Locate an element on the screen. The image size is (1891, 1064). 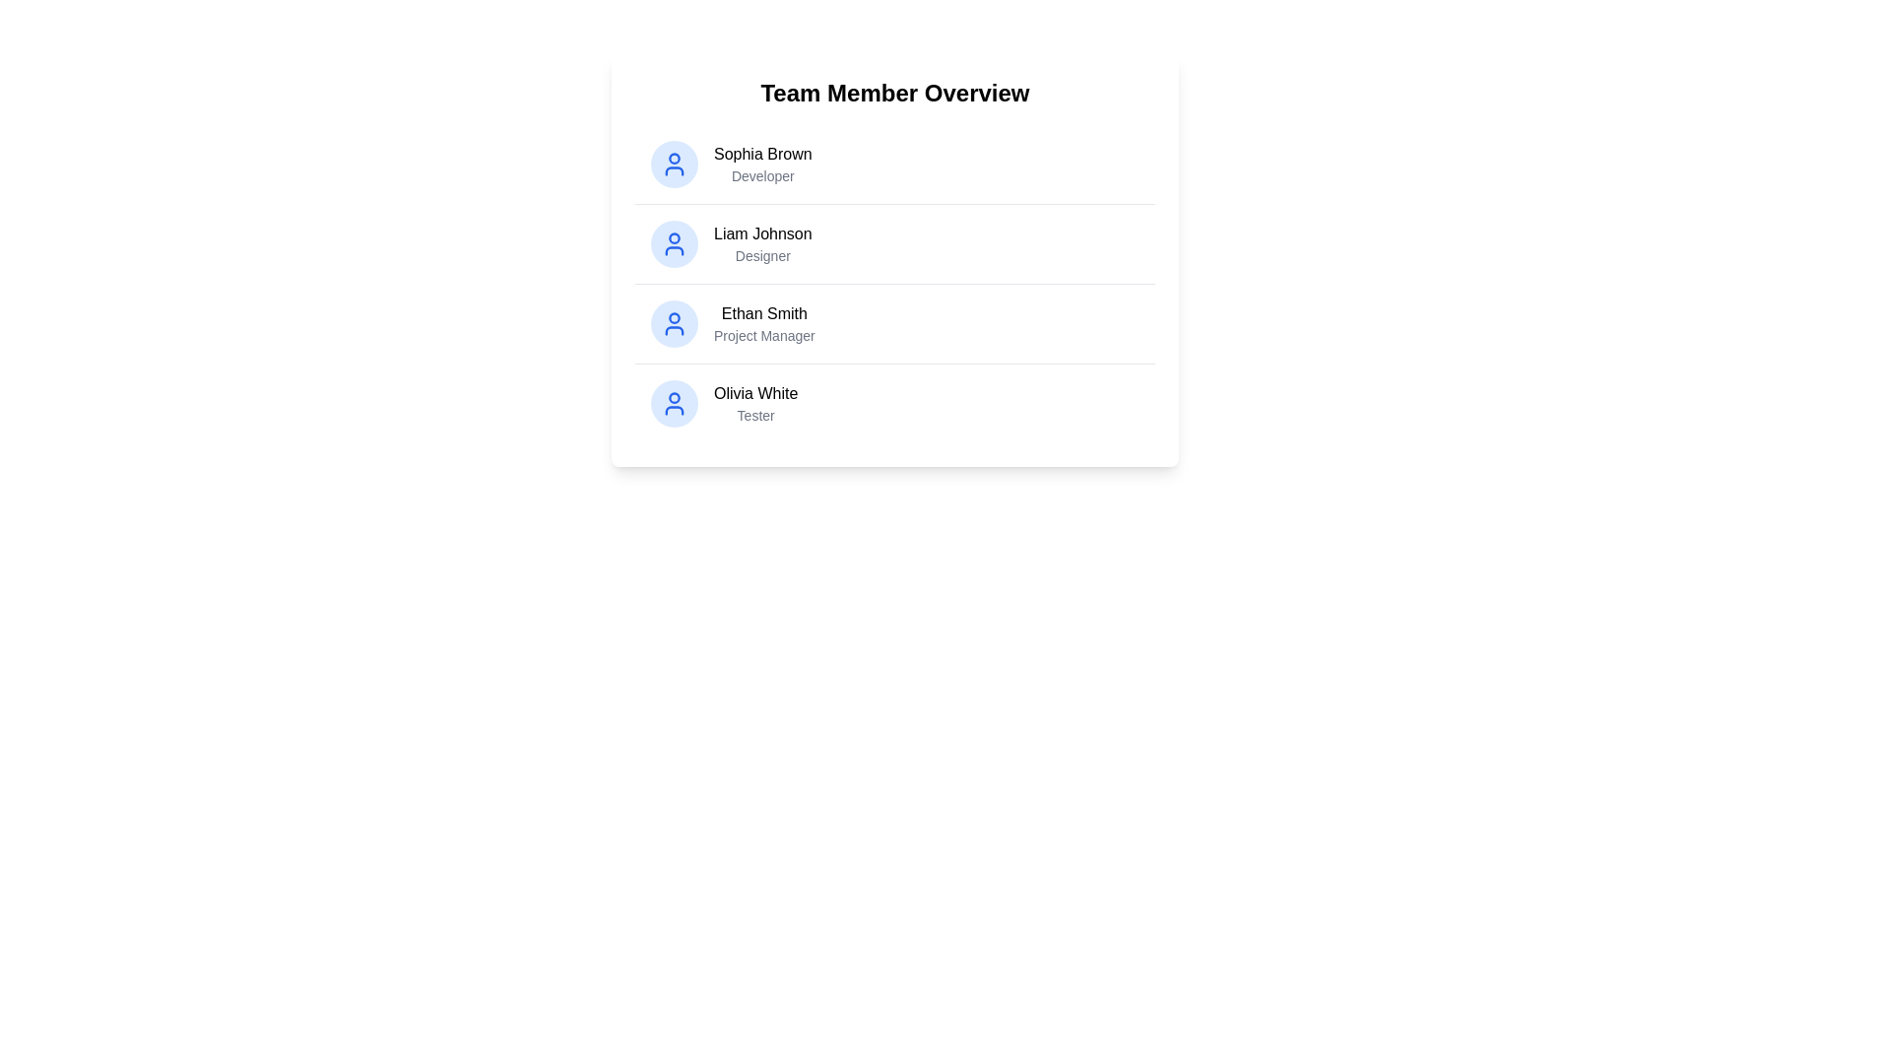
the list item representing the team member 'Ethan Smith', who is labeled as 'Project Manager', positioned in the 'Team Member Overview' section is located at coordinates (893, 322).